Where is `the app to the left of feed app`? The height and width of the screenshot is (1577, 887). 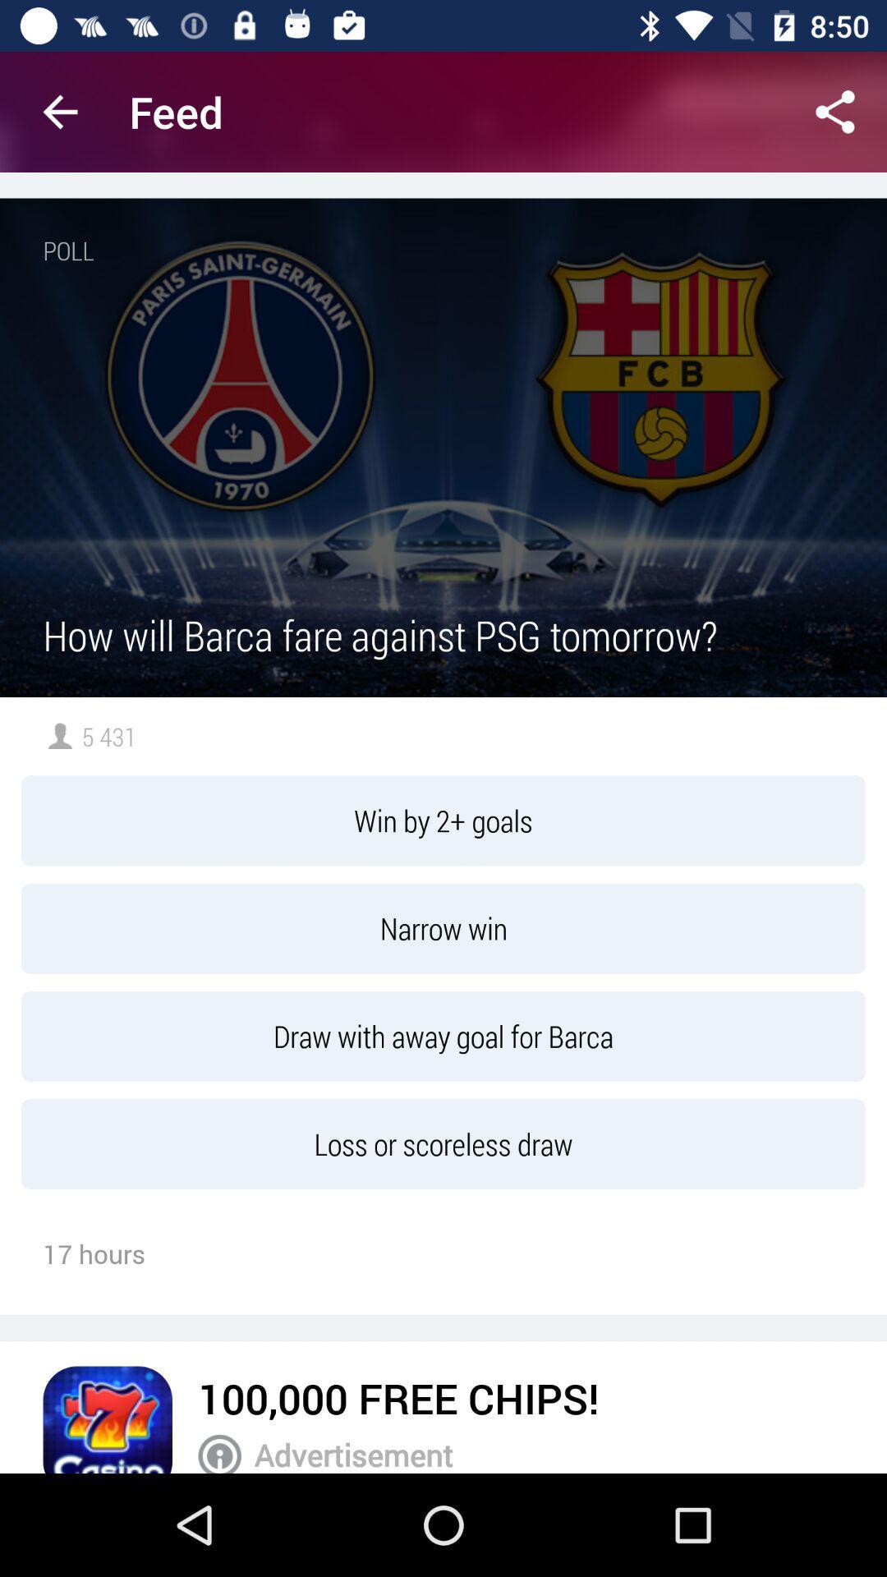
the app to the left of feed app is located at coordinates (59, 111).